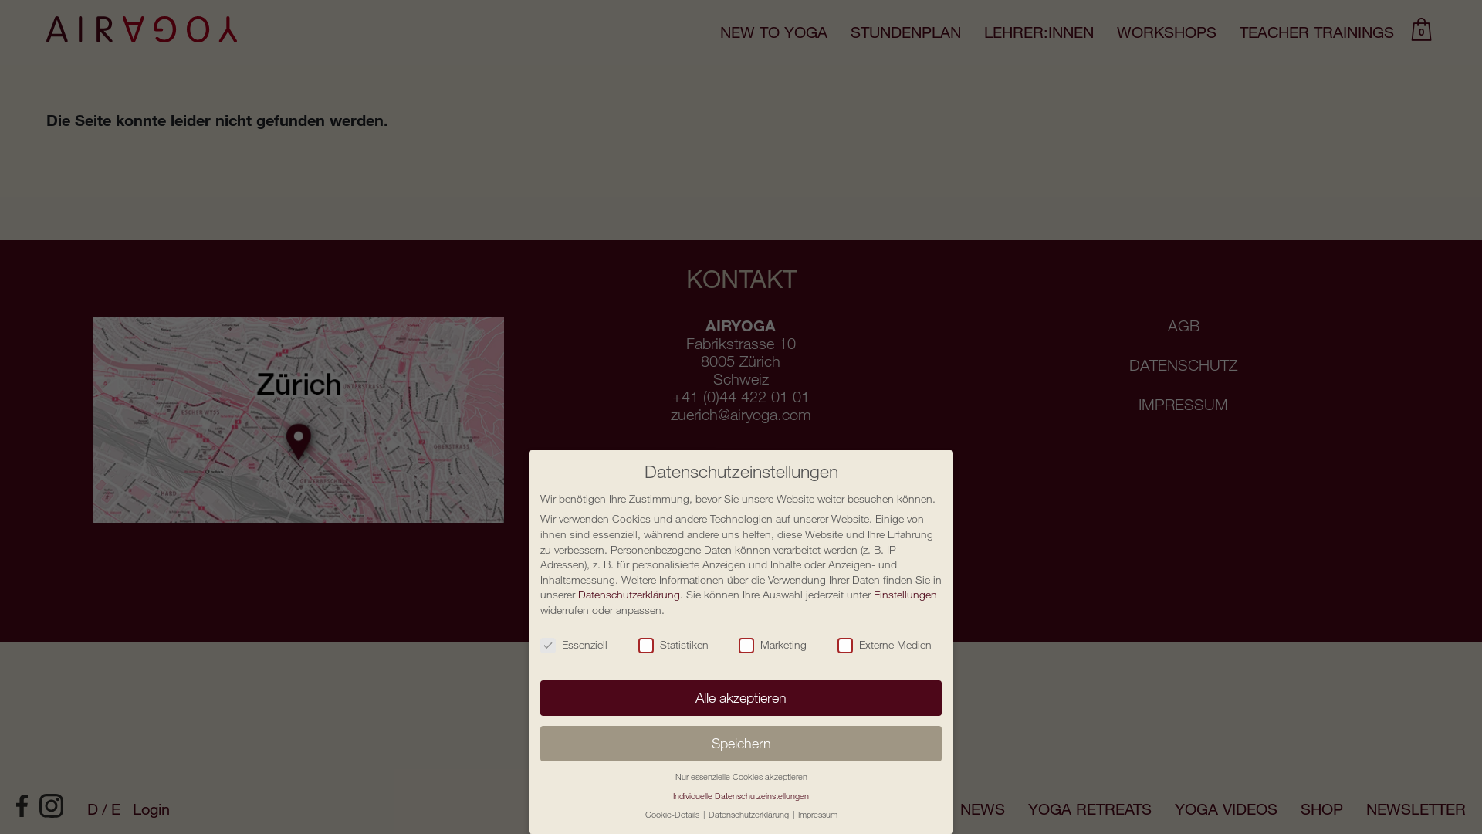  I want to click on 'STUNDENPLAN', so click(850, 32).